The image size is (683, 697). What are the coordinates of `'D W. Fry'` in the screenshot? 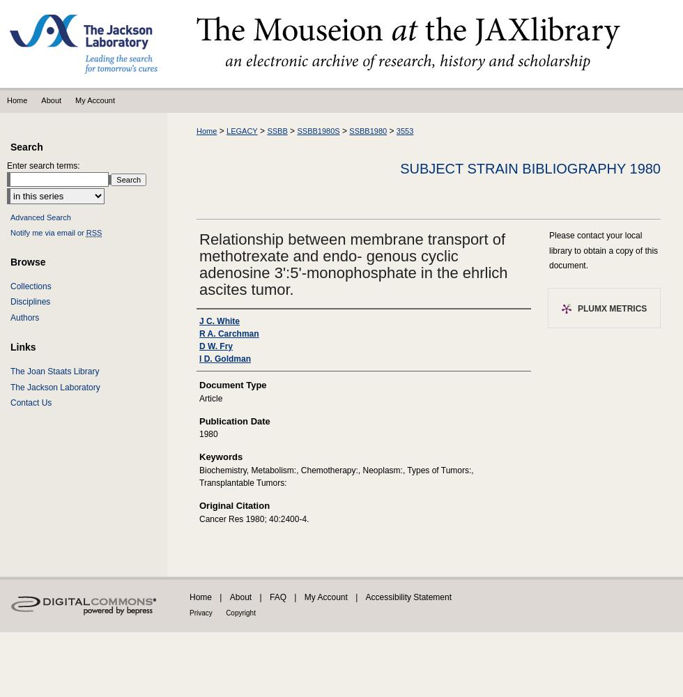 It's located at (215, 346).